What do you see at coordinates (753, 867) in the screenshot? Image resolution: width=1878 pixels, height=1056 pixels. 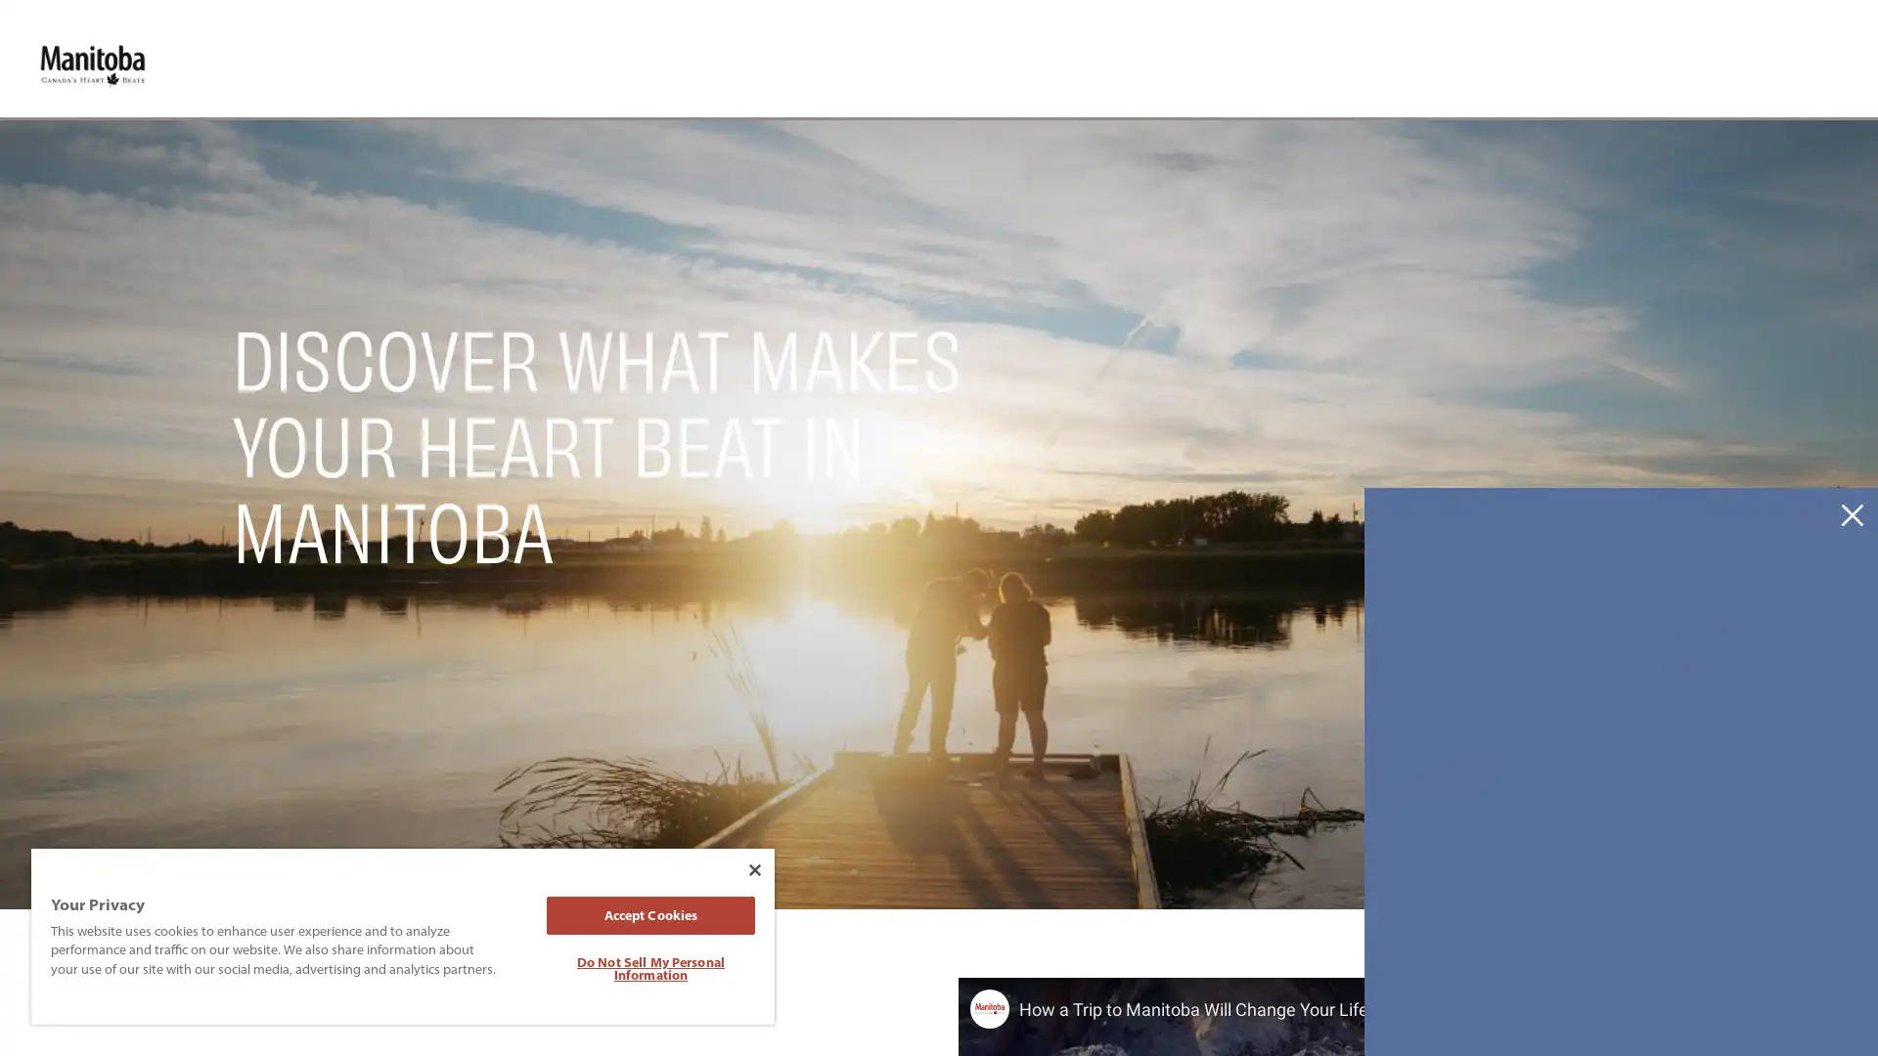 I see `Close` at bounding box center [753, 867].